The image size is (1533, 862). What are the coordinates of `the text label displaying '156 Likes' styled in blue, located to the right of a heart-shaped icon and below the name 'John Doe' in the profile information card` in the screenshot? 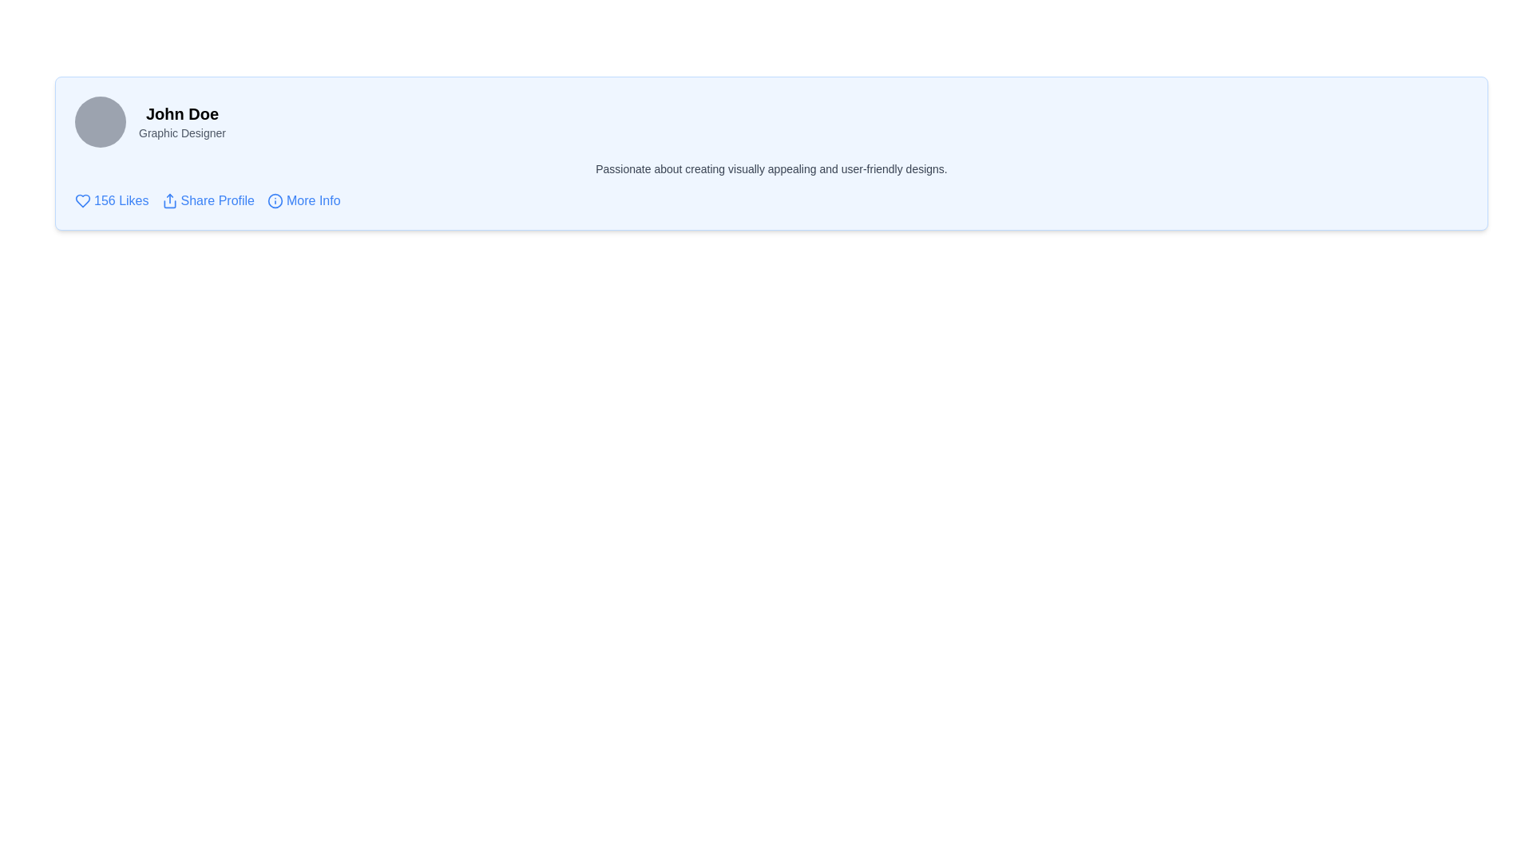 It's located at (121, 200).